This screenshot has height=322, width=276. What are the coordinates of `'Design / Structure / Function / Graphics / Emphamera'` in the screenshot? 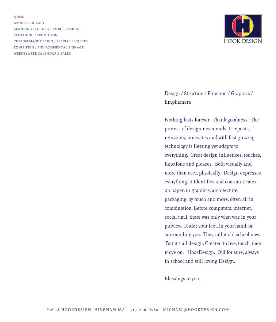 It's located at (208, 98).